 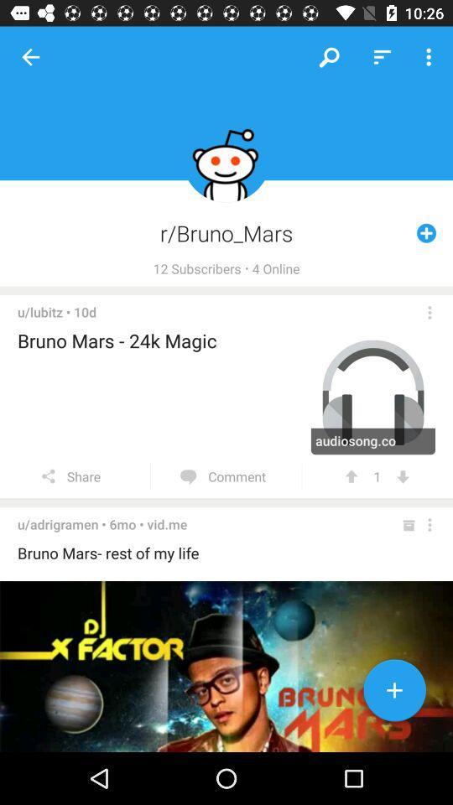 I want to click on favorite, so click(x=394, y=693).